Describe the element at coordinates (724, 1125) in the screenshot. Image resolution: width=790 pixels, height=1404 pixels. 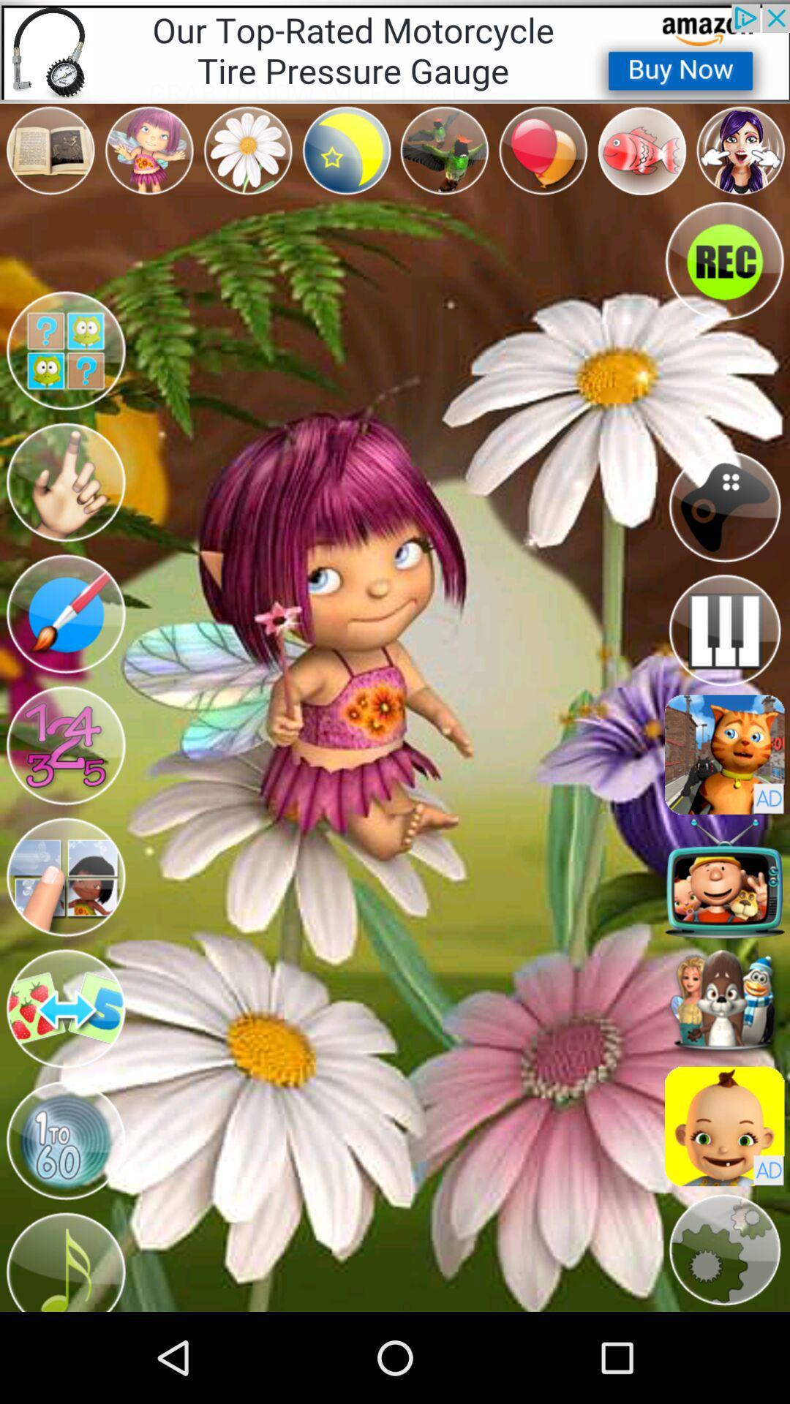
I see `open advertisement` at that location.